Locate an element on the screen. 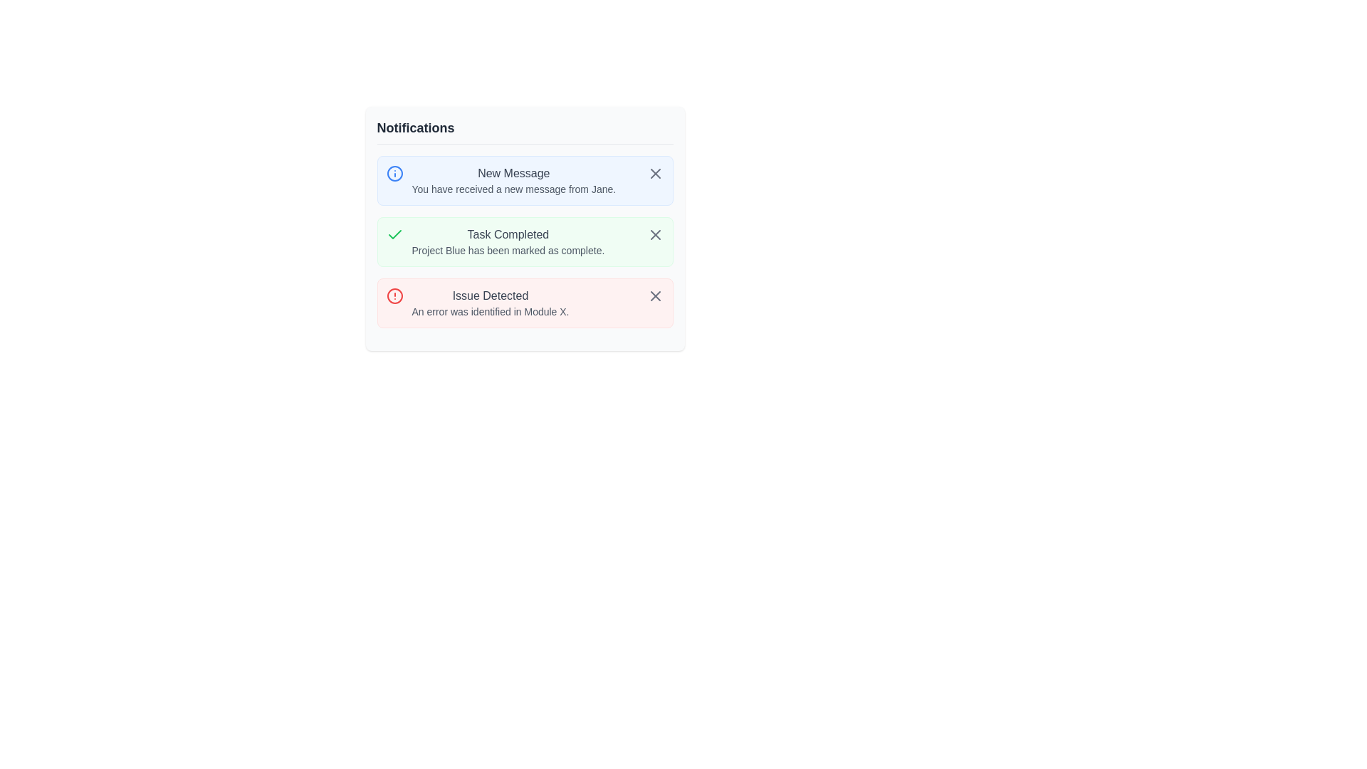 The height and width of the screenshot is (769, 1367). the Circle graphic that serves as the base for the 'Issue Detected' notification icon, located in the bottom section of the notification list is located at coordinates (394, 295).